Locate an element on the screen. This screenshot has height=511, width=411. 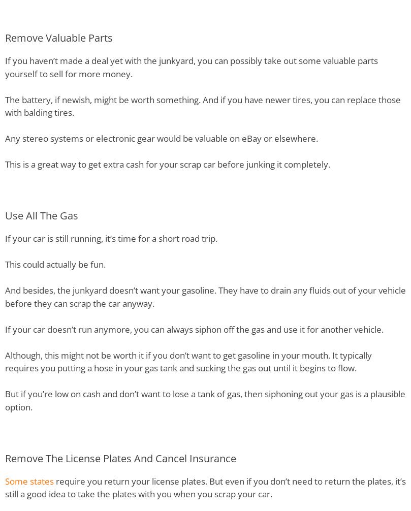
'If you haven’t made a deal yet with the junkyard, you can possibly take out some valuable parts yourself to sell for more money.' is located at coordinates (191, 67).